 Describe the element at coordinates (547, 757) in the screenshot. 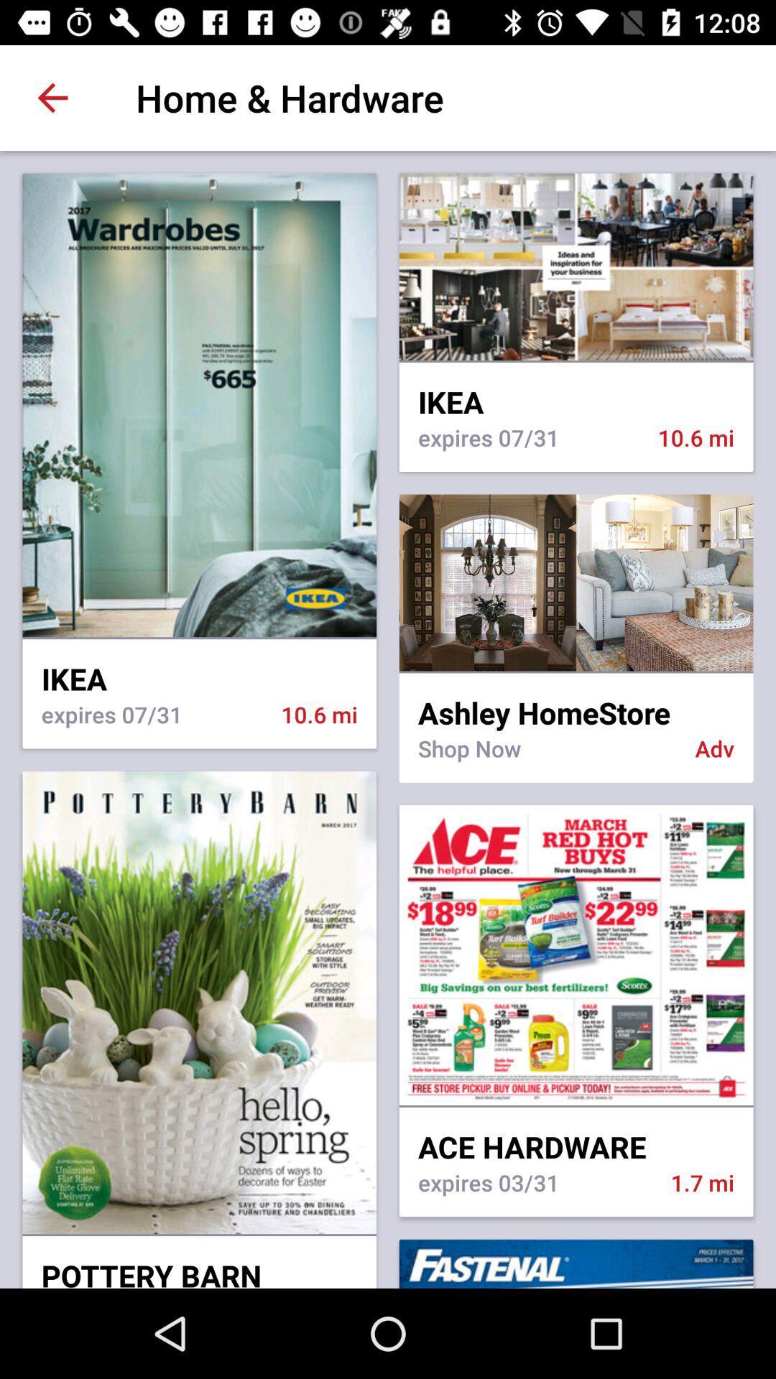

I see `the icon below ashley homestore` at that location.